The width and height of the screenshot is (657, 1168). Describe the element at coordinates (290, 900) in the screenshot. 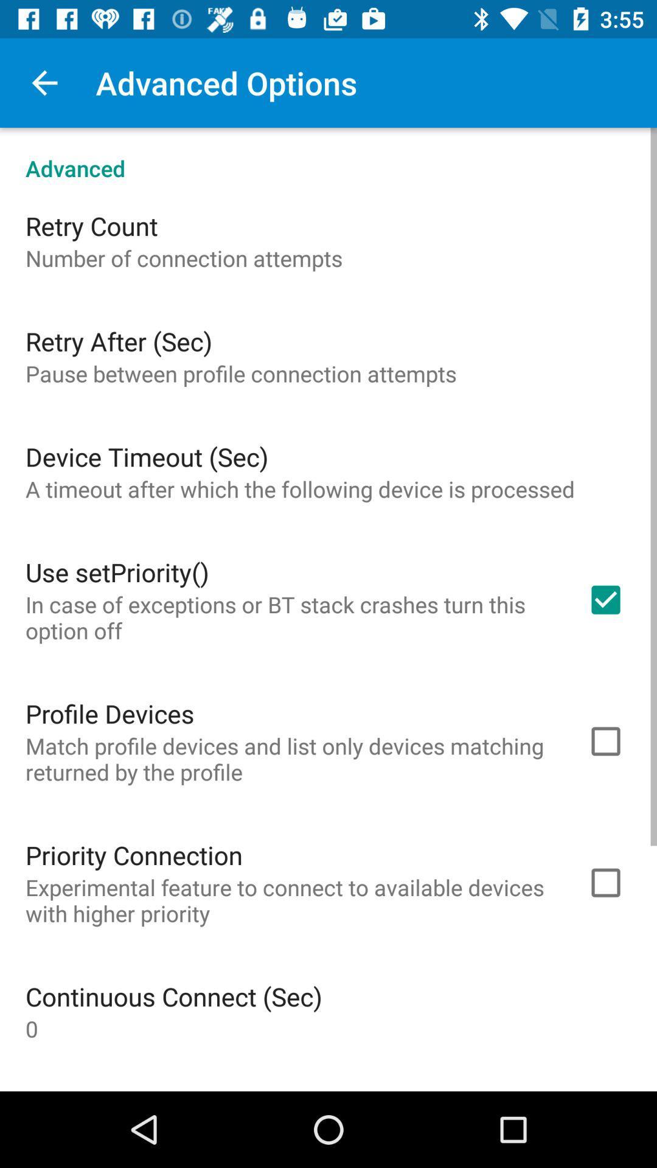

I see `the item above continuous connect (sec)` at that location.